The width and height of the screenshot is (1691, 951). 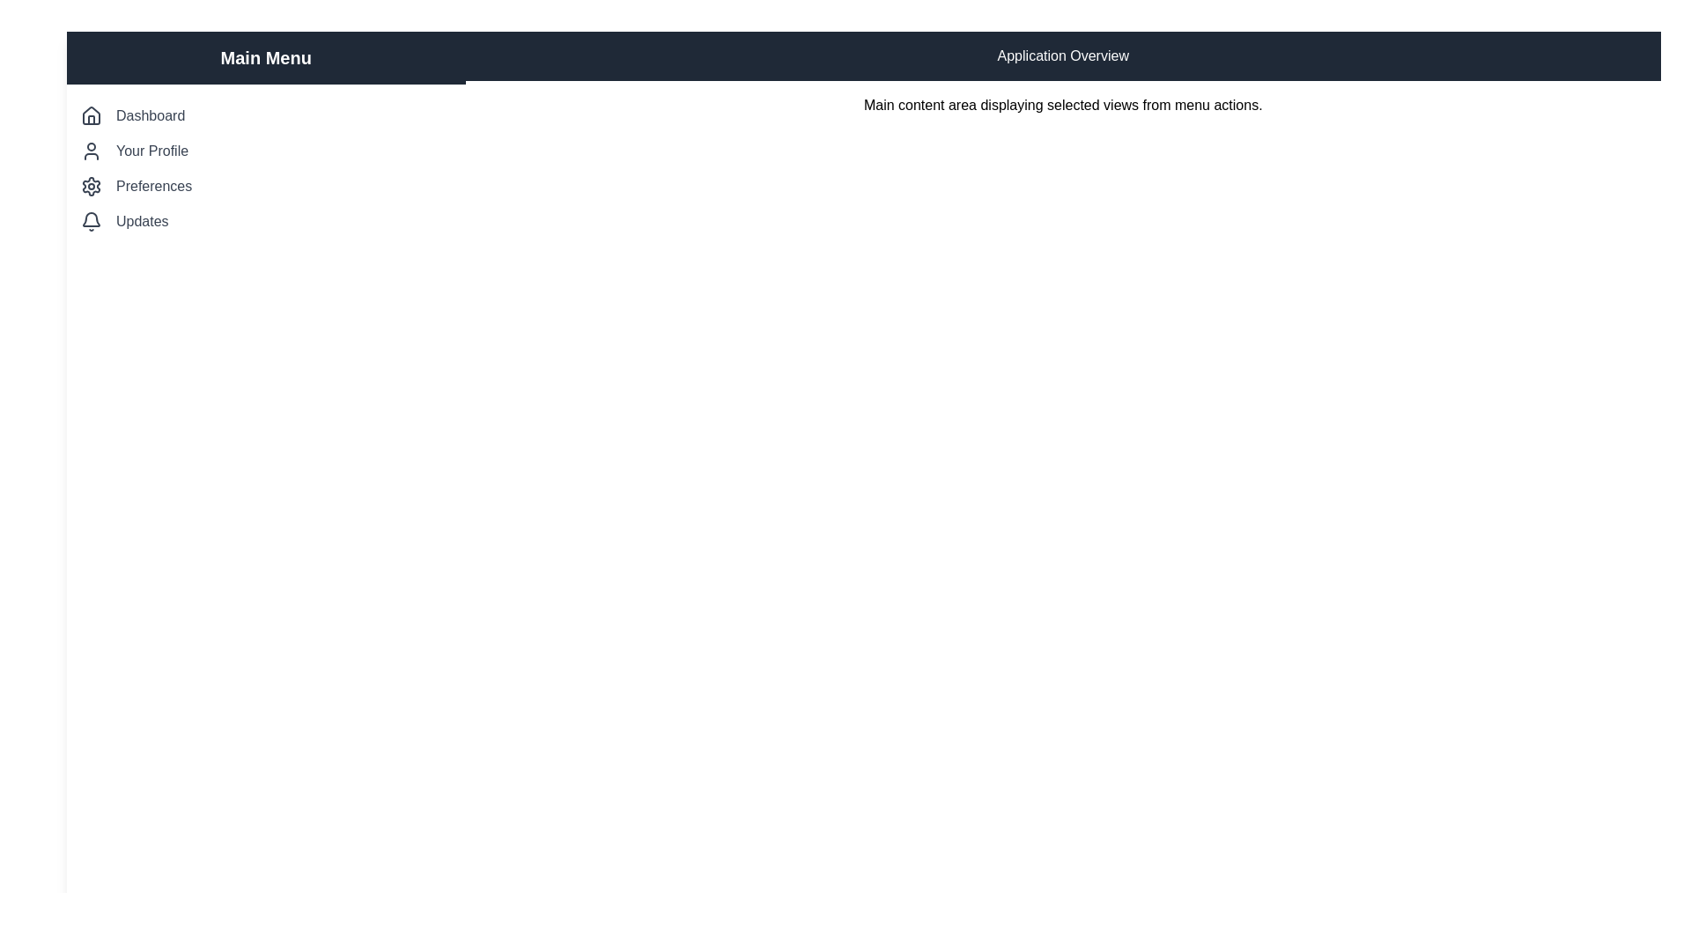 What do you see at coordinates (91, 115) in the screenshot?
I see `the house icon located in the vertical navigation menu to the left of the 'Dashboard' label` at bounding box center [91, 115].